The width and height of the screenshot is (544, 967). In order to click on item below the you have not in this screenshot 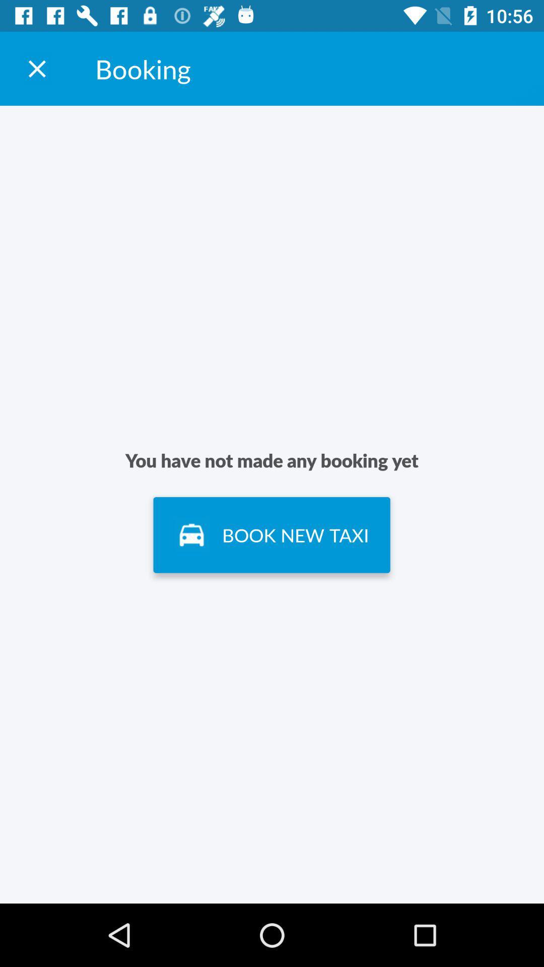, I will do `click(271, 534)`.